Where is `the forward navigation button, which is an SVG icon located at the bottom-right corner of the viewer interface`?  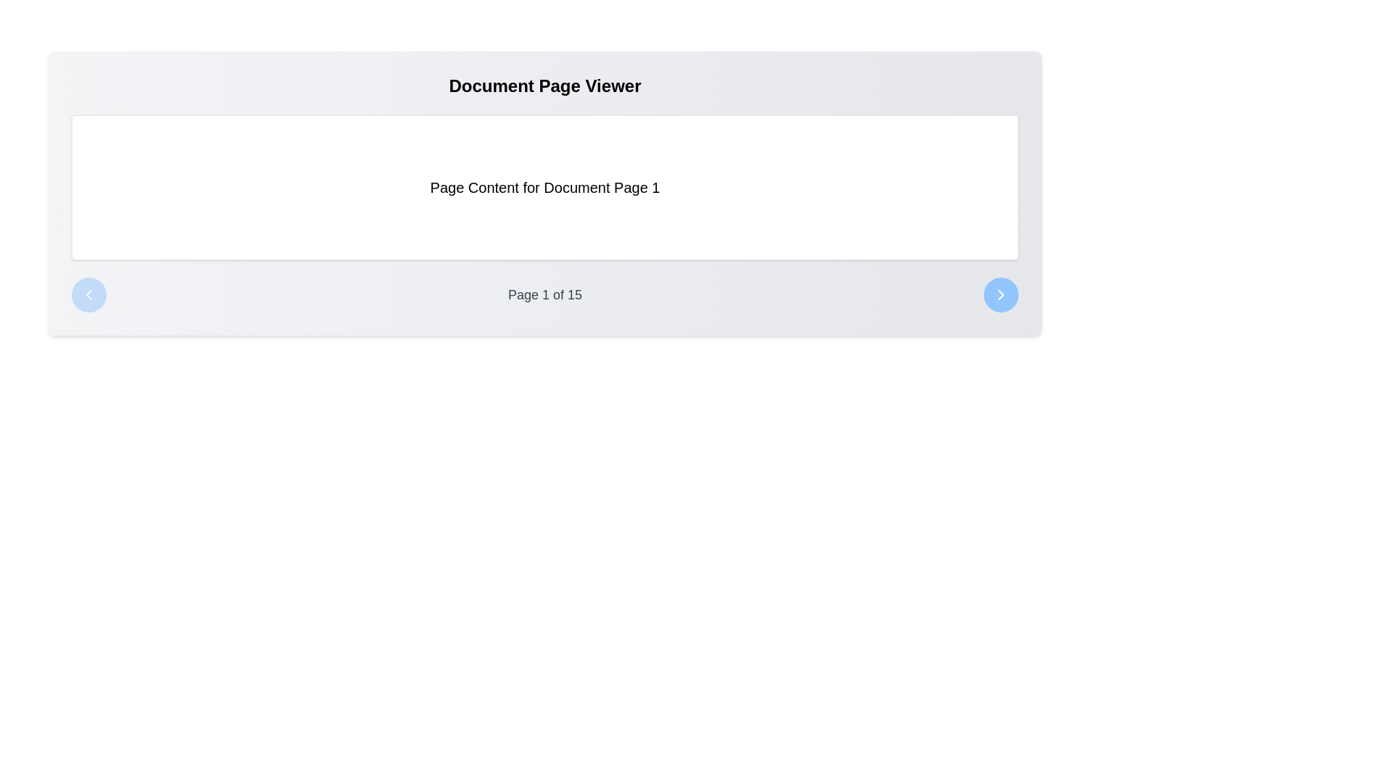 the forward navigation button, which is an SVG icon located at the bottom-right corner of the viewer interface is located at coordinates (1000, 294).